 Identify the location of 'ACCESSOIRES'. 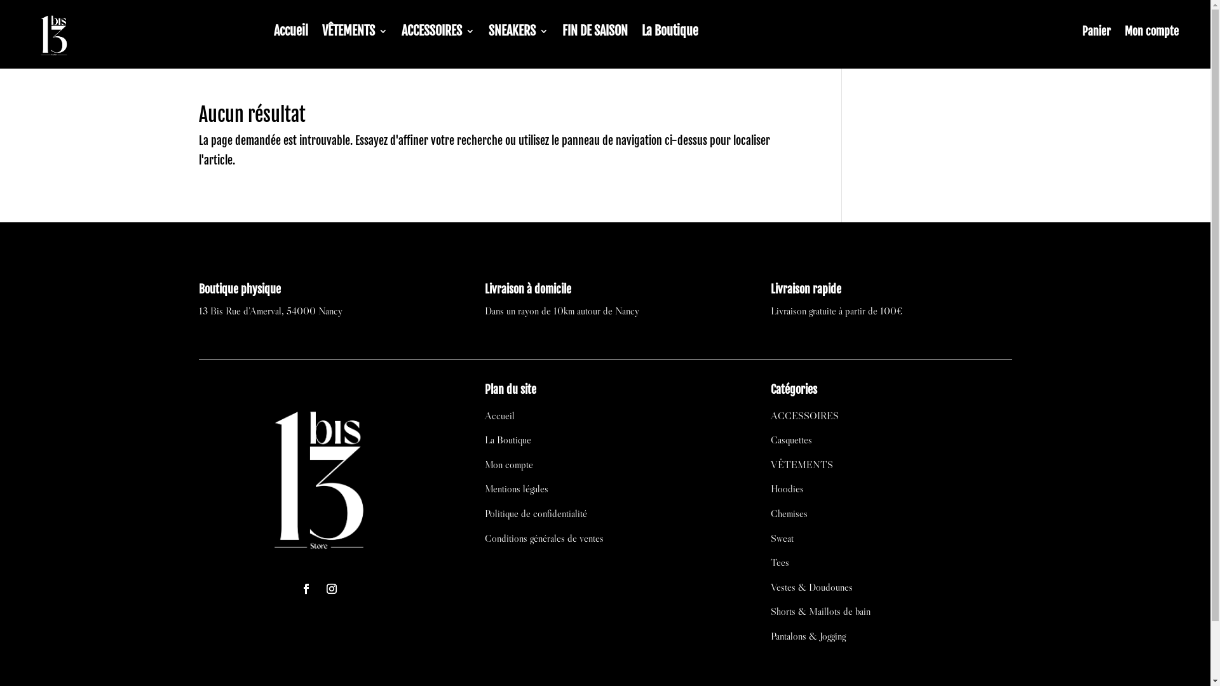
(804, 415).